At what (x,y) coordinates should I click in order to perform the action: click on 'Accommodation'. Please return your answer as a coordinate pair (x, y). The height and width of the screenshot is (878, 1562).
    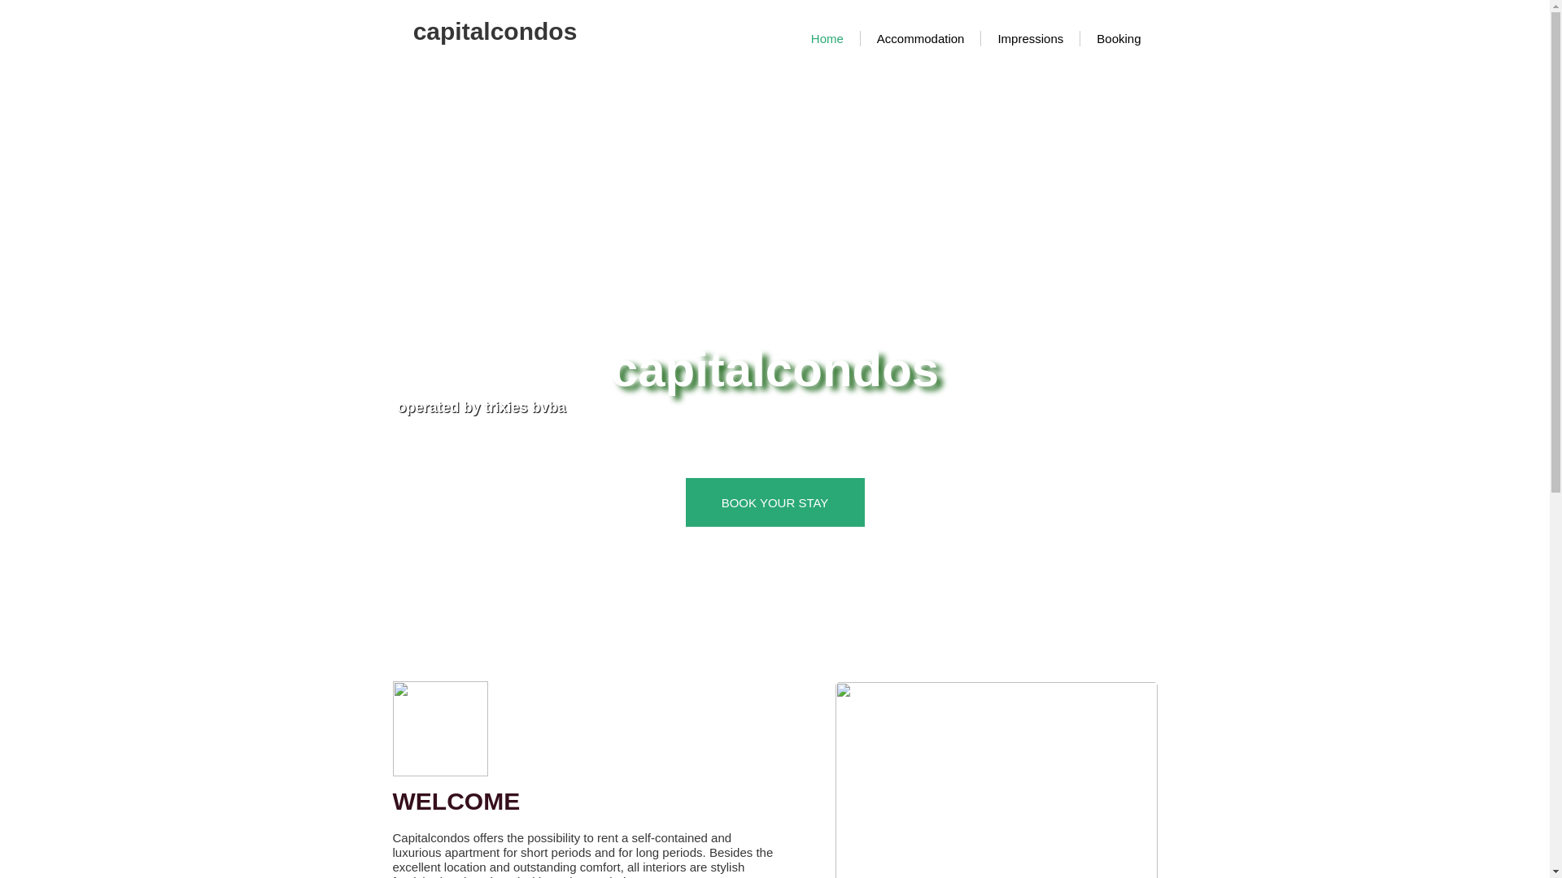
    Looking at the image, I should click on (921, 37).